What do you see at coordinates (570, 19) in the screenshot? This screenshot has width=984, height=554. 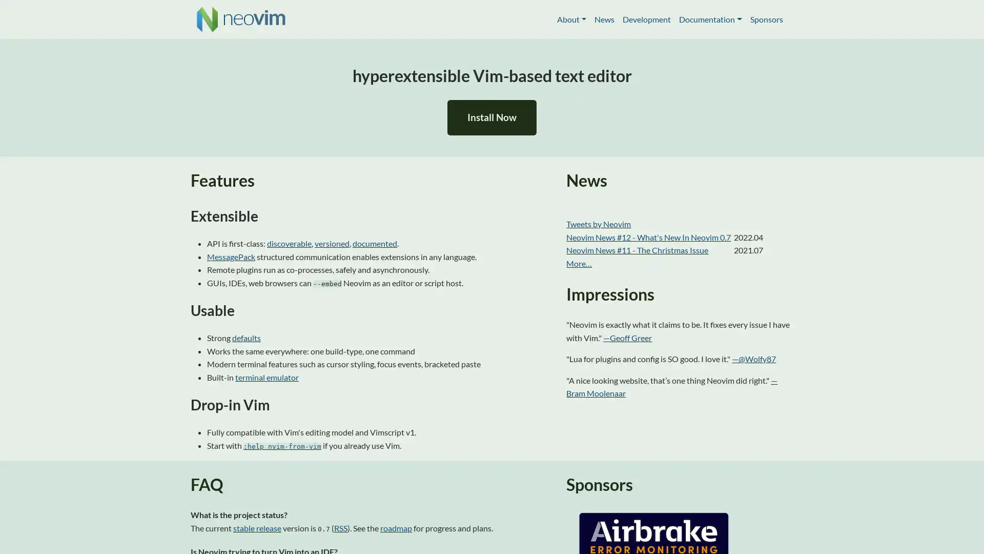 I see `About` at bounding box center [570, 19].